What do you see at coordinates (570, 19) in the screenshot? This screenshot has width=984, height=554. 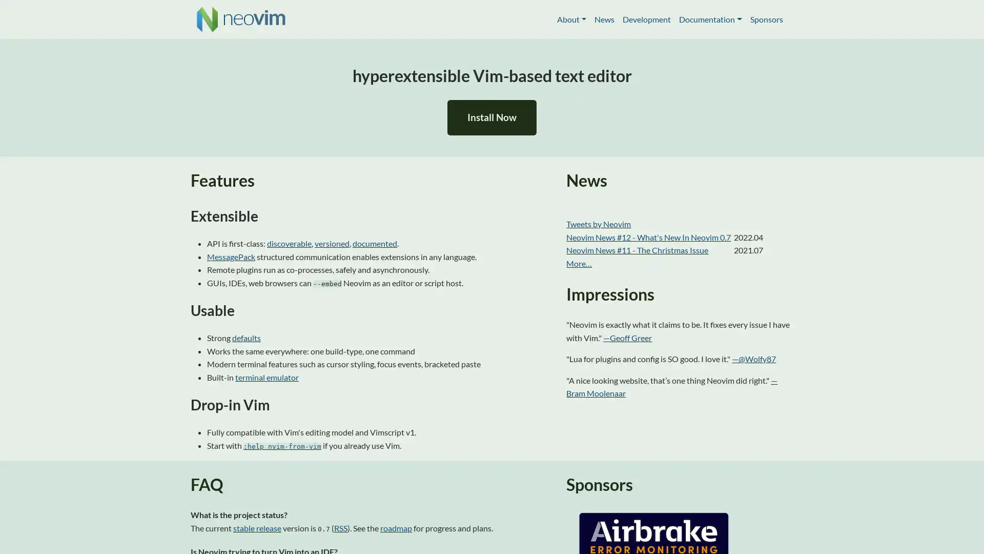 I see `About` at bounding box center [570, 19].